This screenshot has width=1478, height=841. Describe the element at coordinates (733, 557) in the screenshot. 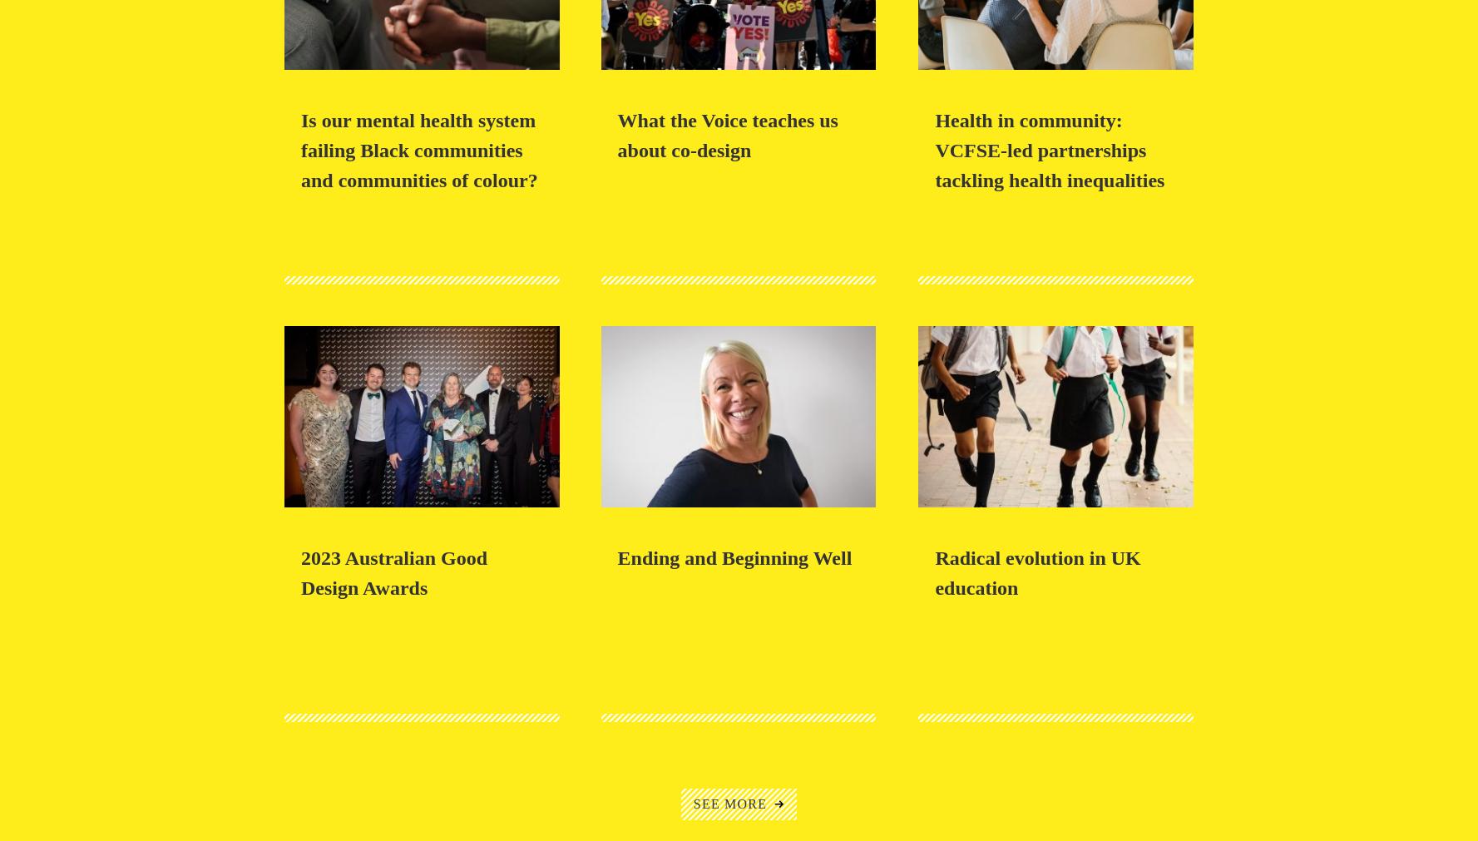

I see `'Ending and Beginning Well'` at that location.